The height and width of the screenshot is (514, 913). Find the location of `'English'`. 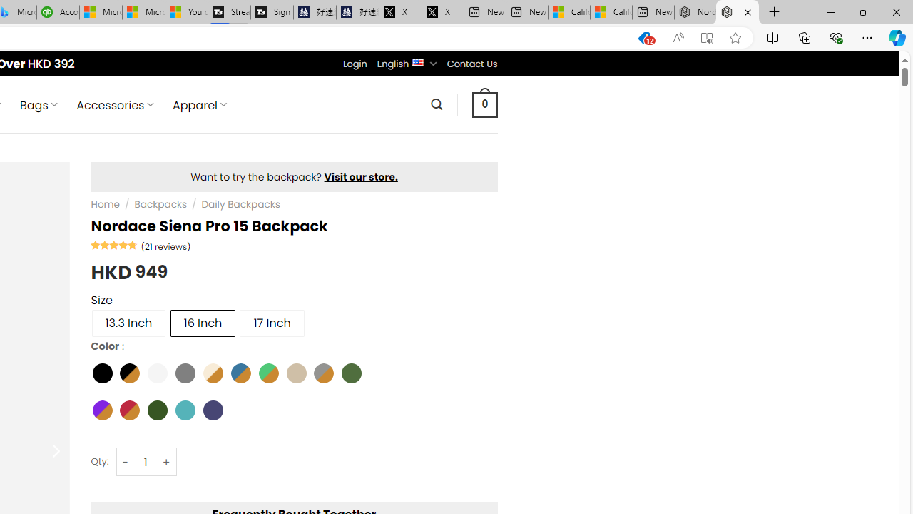

'English' is located at coordinates (417, 61).